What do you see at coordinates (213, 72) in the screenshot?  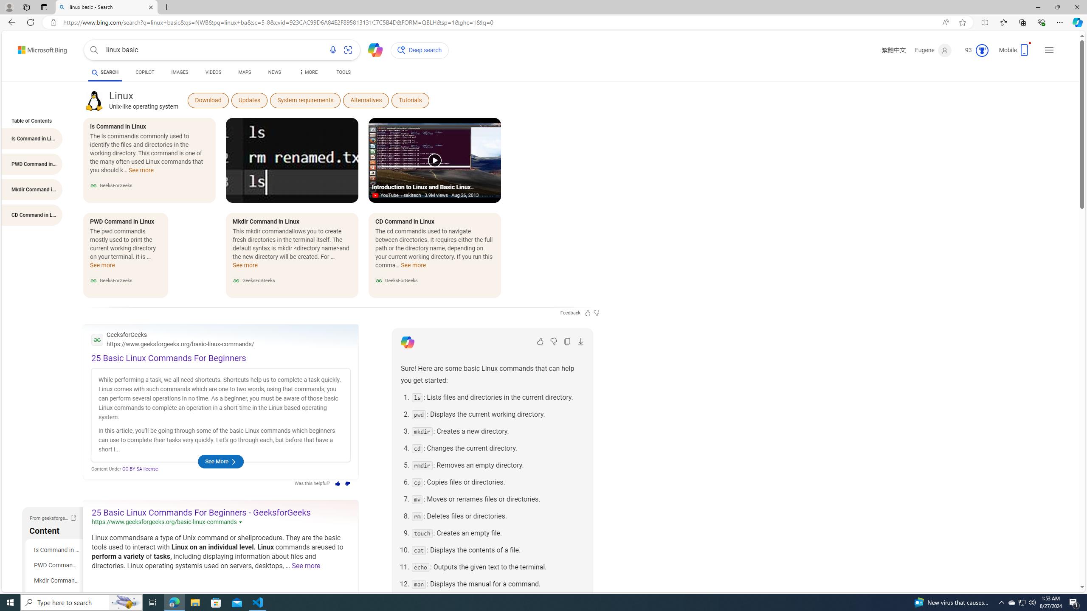 I see `'VIDEOS'` at bounding box center [213, 72].